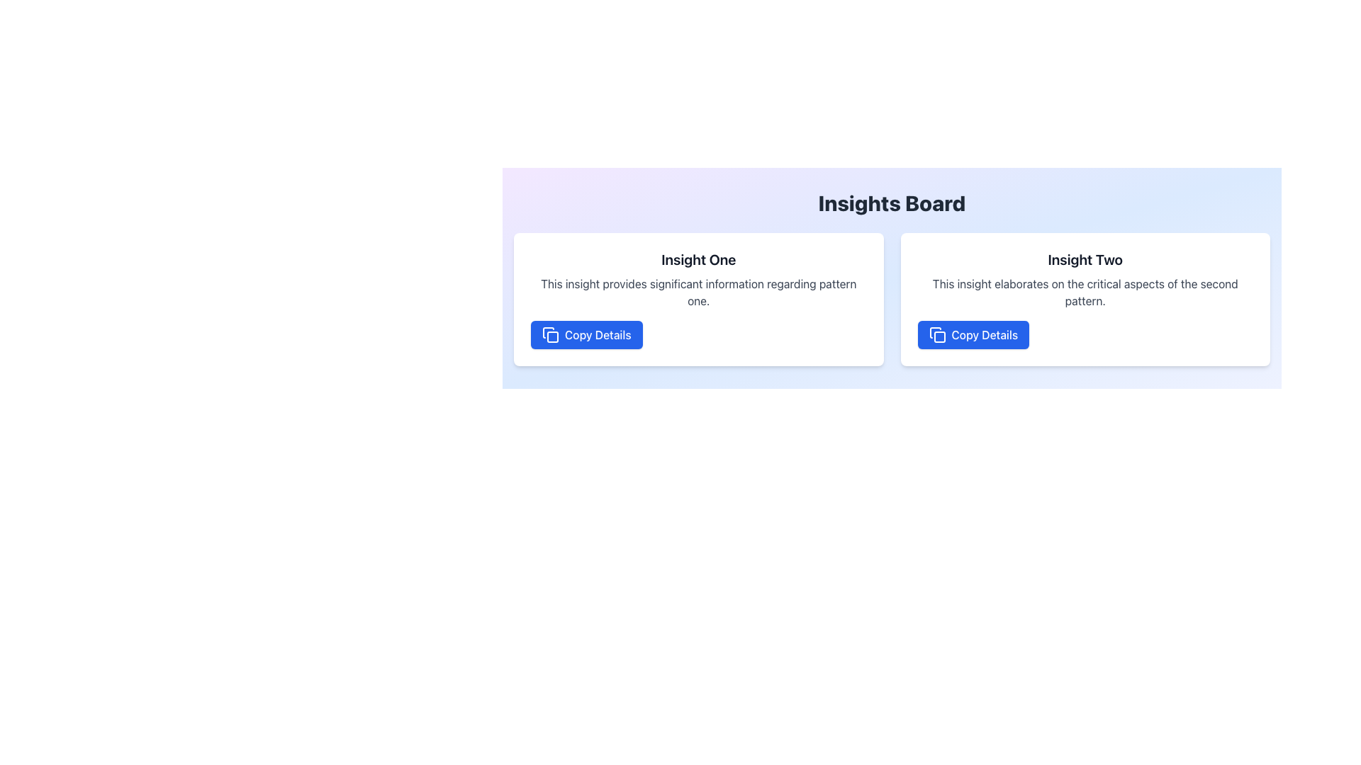 This screenshot has width=1361, height=765. I want to click on the 'Copy Details' button, which is a text label with a document icon, located below the descriptive text in the 'Insight One' card, so click(586, 335).